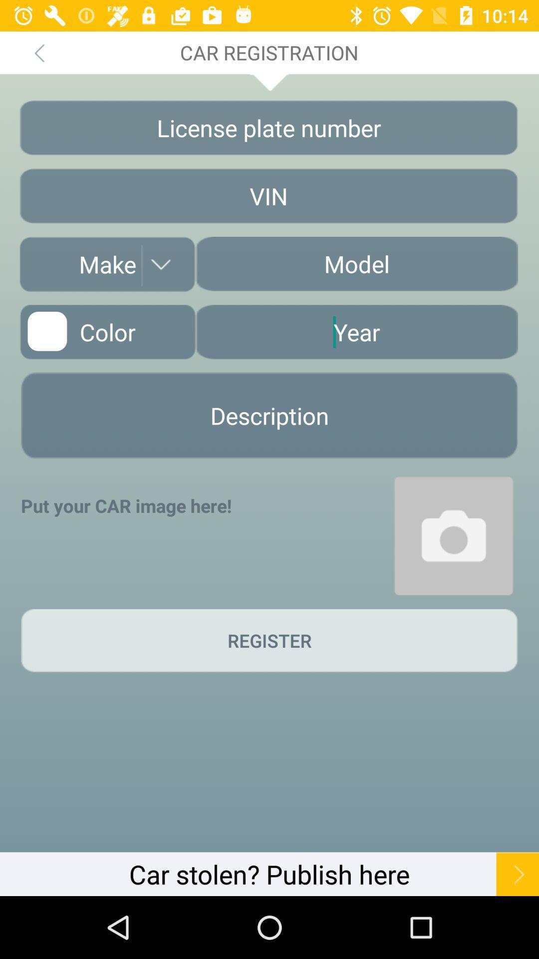 The height and width of the screenshot is (959, 539). Describe the element at coordinates (268, 196) in the screenshot. I see `vin number for car` at that location.